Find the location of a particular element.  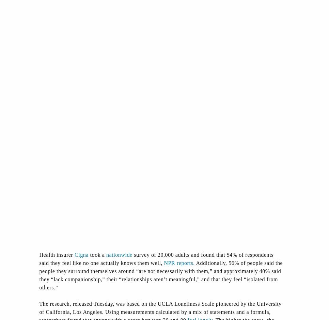

'Antitrust' is located at coordinates (261, 68).